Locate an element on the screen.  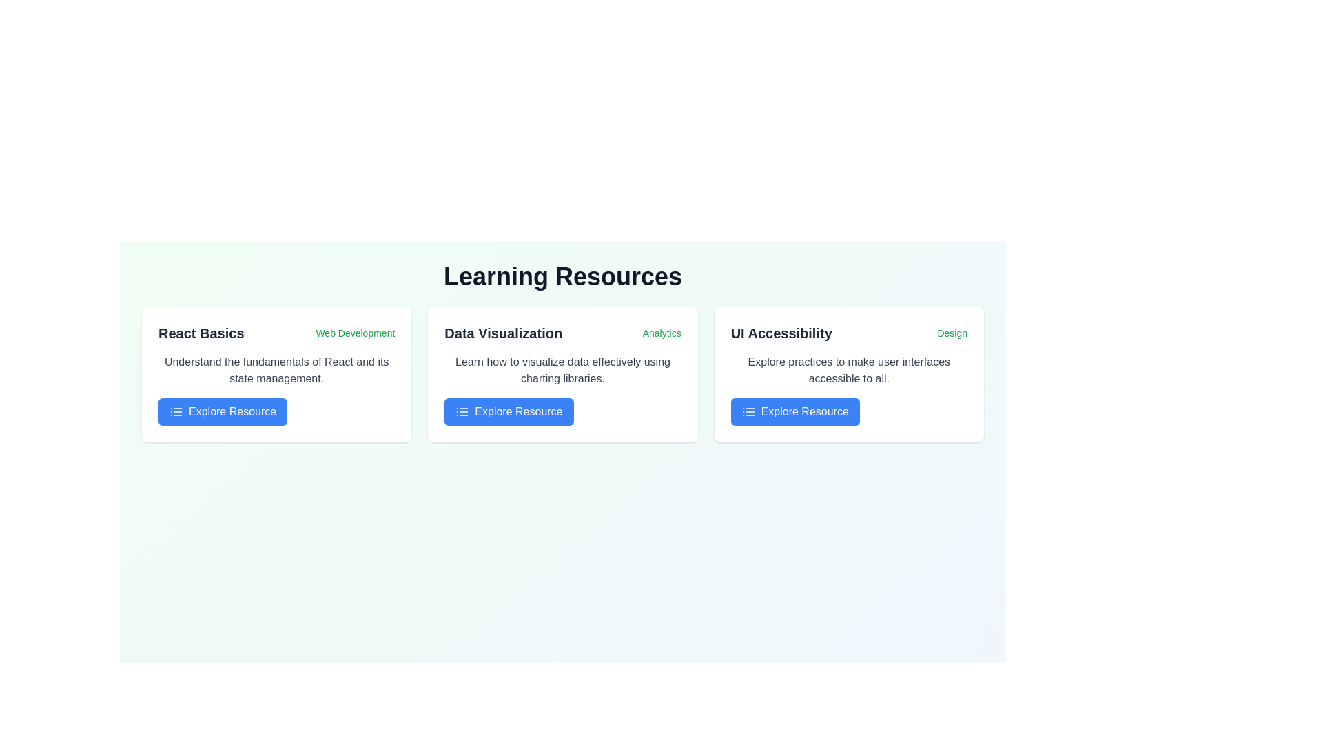
the Text Label that displays the title of the resource topic, located under the header 'Learning Resources' and above the subtitle 'Web Development' is located at coordinates (201, 333).